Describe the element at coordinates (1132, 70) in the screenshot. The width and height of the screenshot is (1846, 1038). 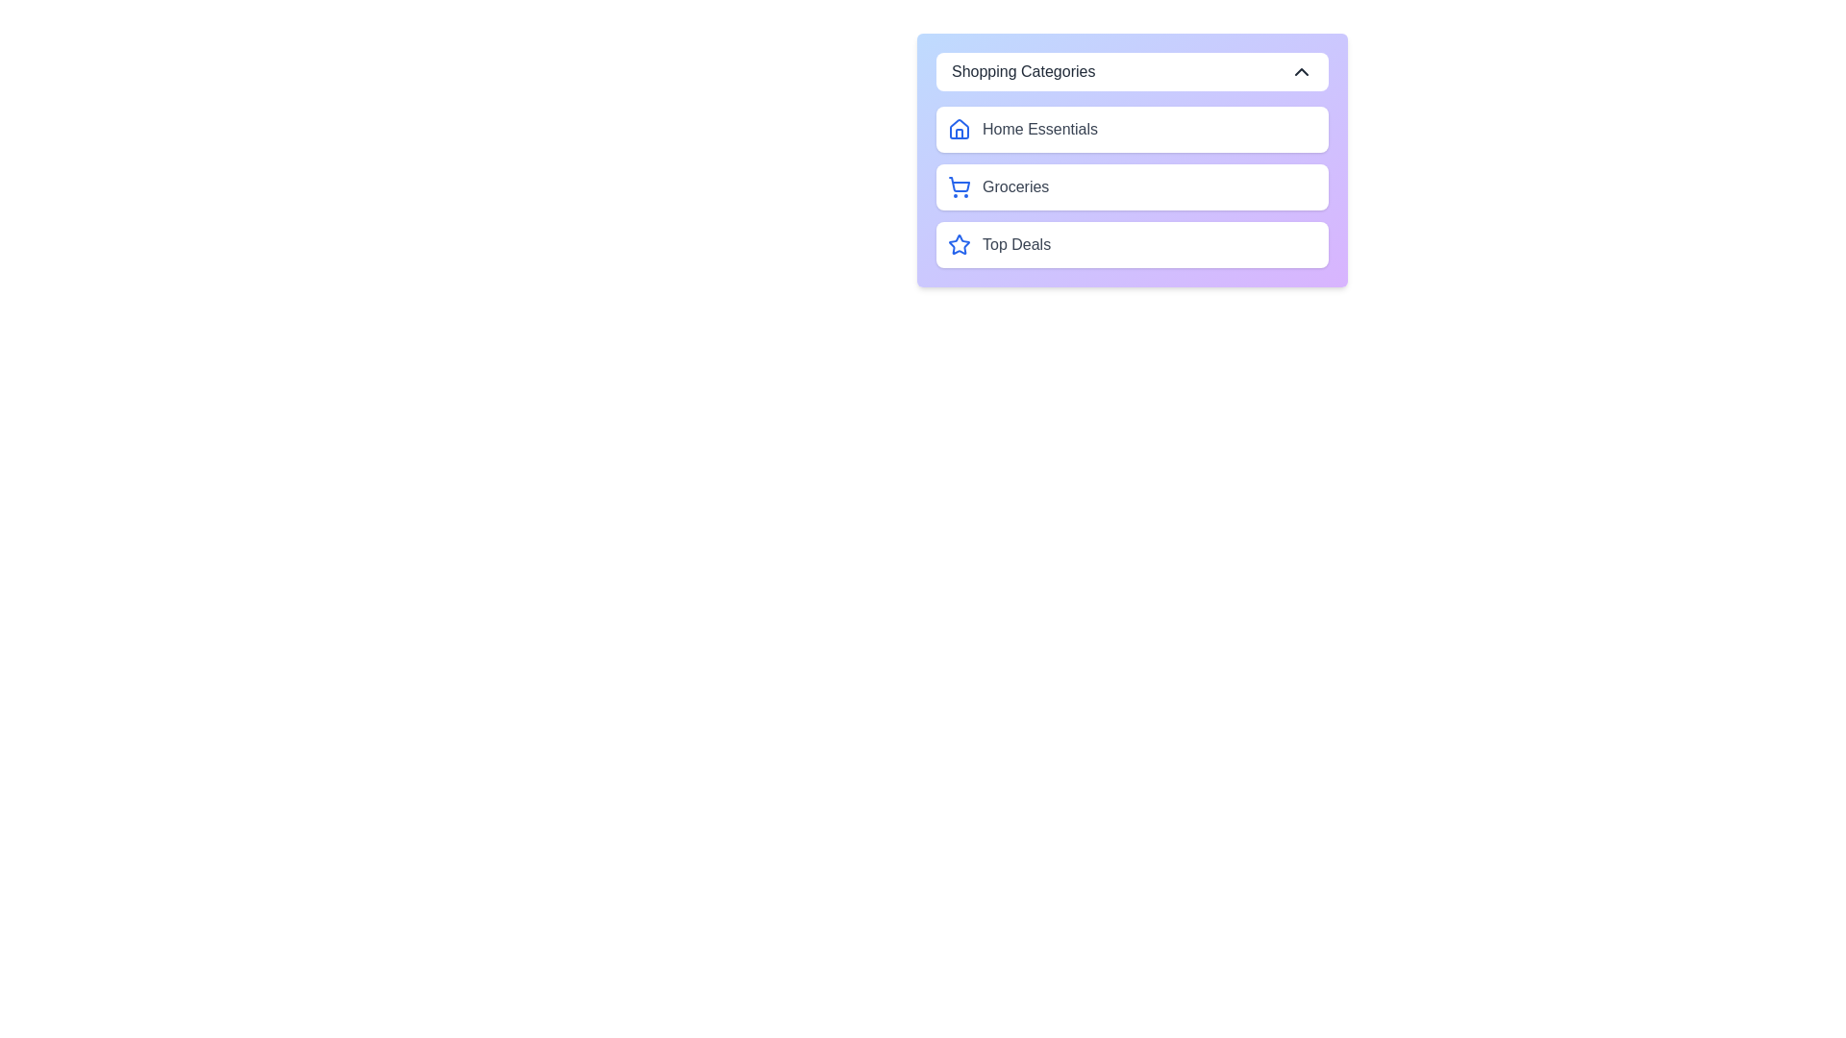
I see `the 'Shopping Categories' button to toggle the menu` at that location.